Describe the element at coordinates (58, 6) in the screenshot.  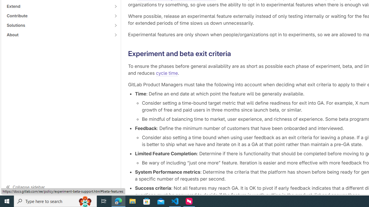
I see `'Extend'` at that location.